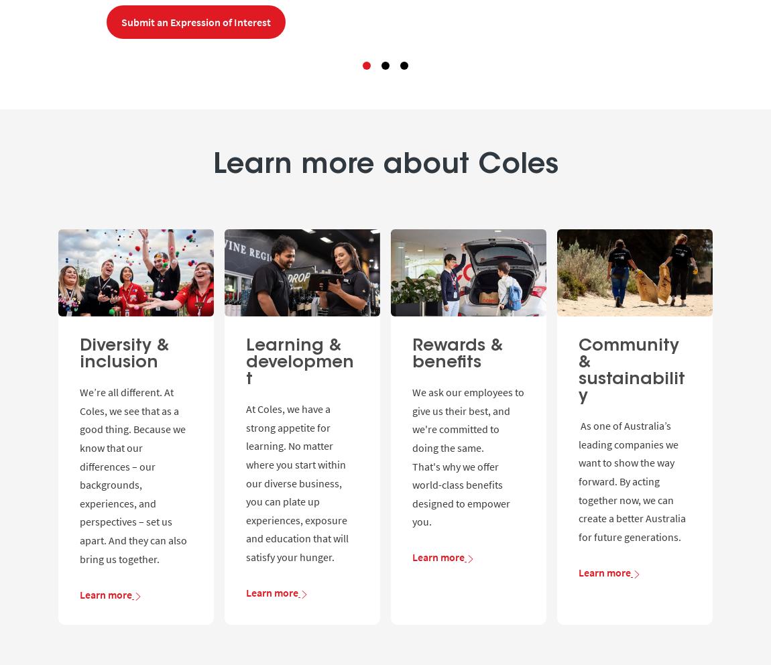 This screenshot has height=665, width=771. I want to click on 'Diversity & inclusion', so click(123, 354).